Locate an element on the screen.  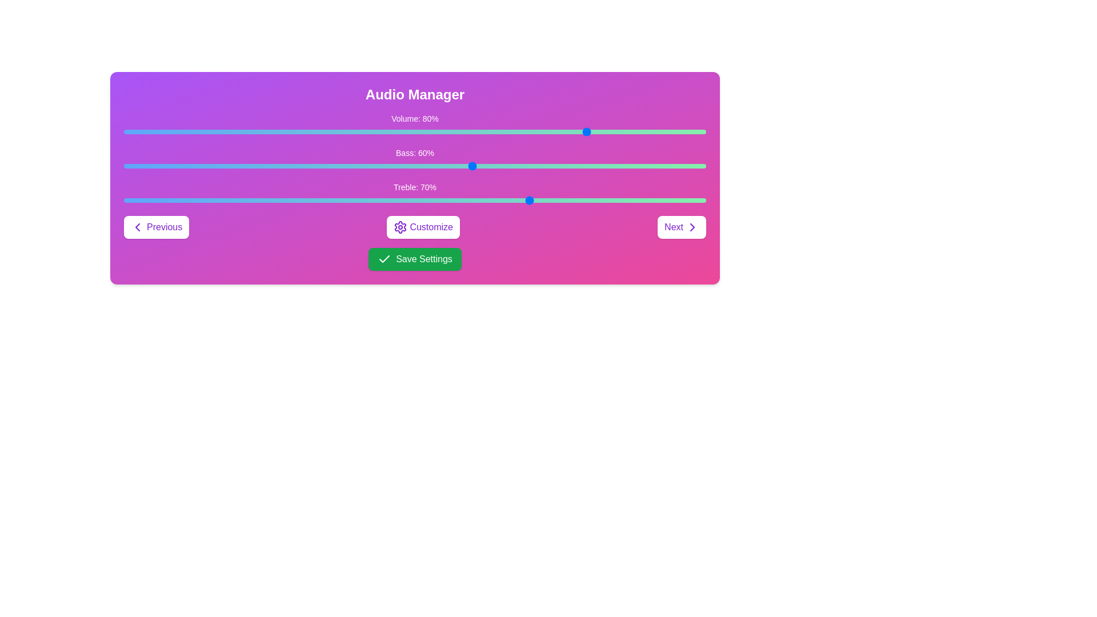
the slider is located at coordinates (635, 200).